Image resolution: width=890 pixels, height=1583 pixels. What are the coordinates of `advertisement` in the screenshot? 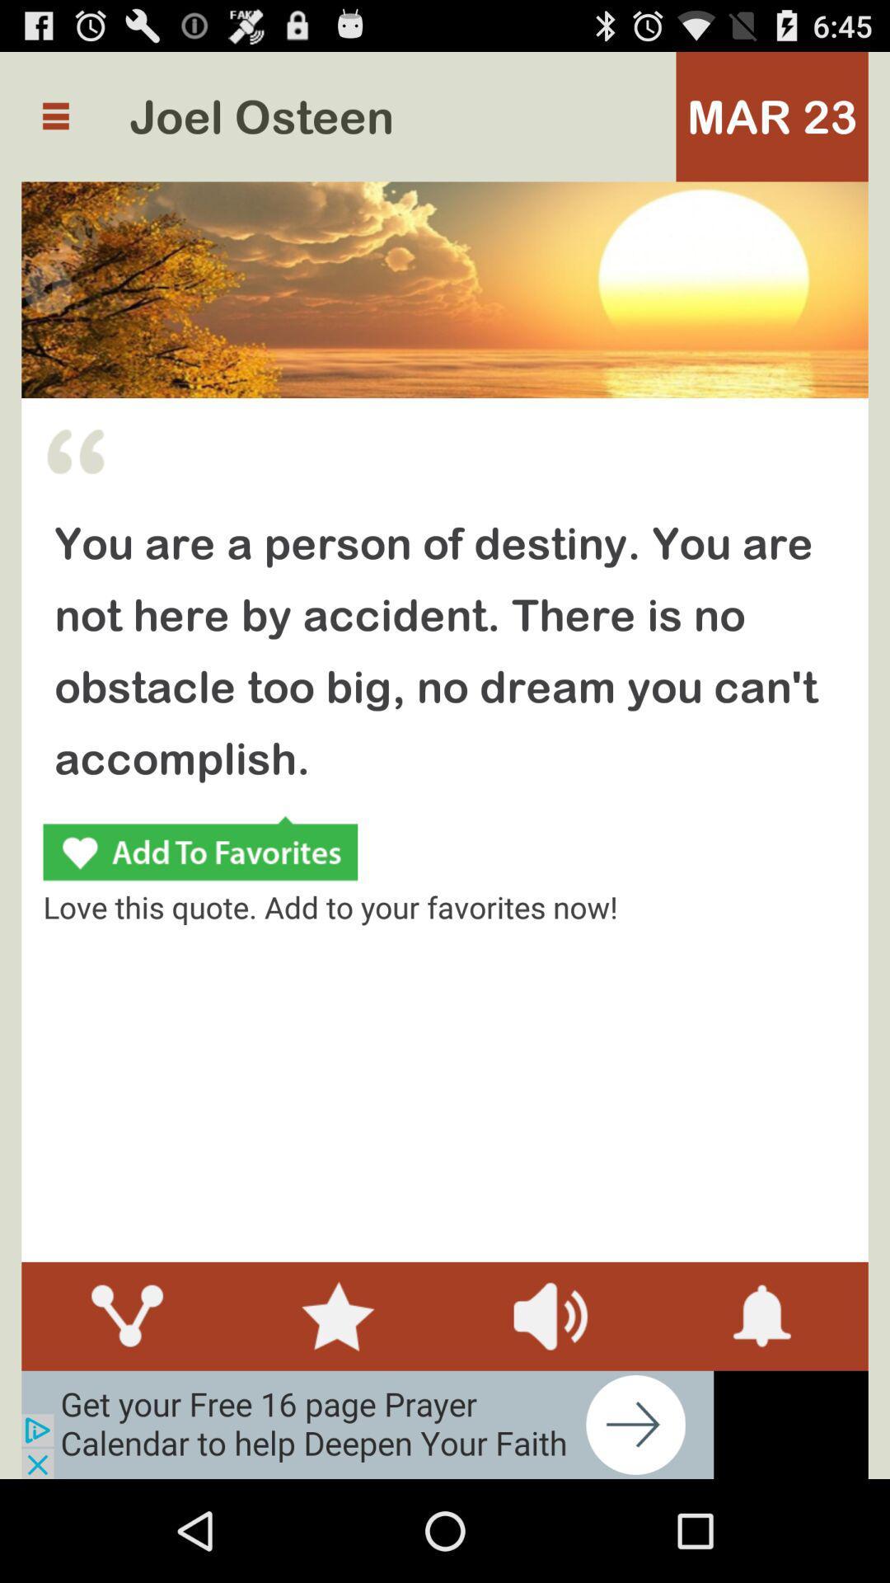 It's located at (367, 1424).